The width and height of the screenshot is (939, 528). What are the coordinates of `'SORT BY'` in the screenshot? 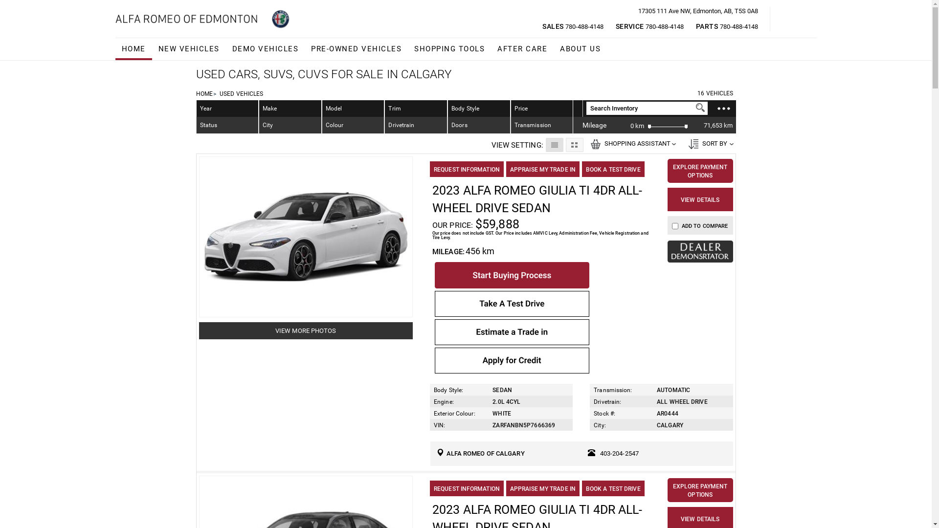 It's located at (709, 143).